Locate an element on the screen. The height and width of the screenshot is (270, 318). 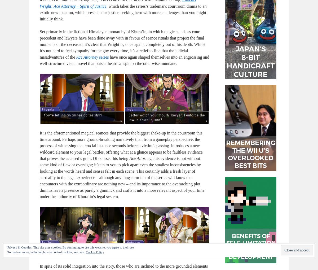
'Privacy & Cookies: This site uses cookies. By continuing to use this website, you agree to their use.' is located at coordinates (70, 247).